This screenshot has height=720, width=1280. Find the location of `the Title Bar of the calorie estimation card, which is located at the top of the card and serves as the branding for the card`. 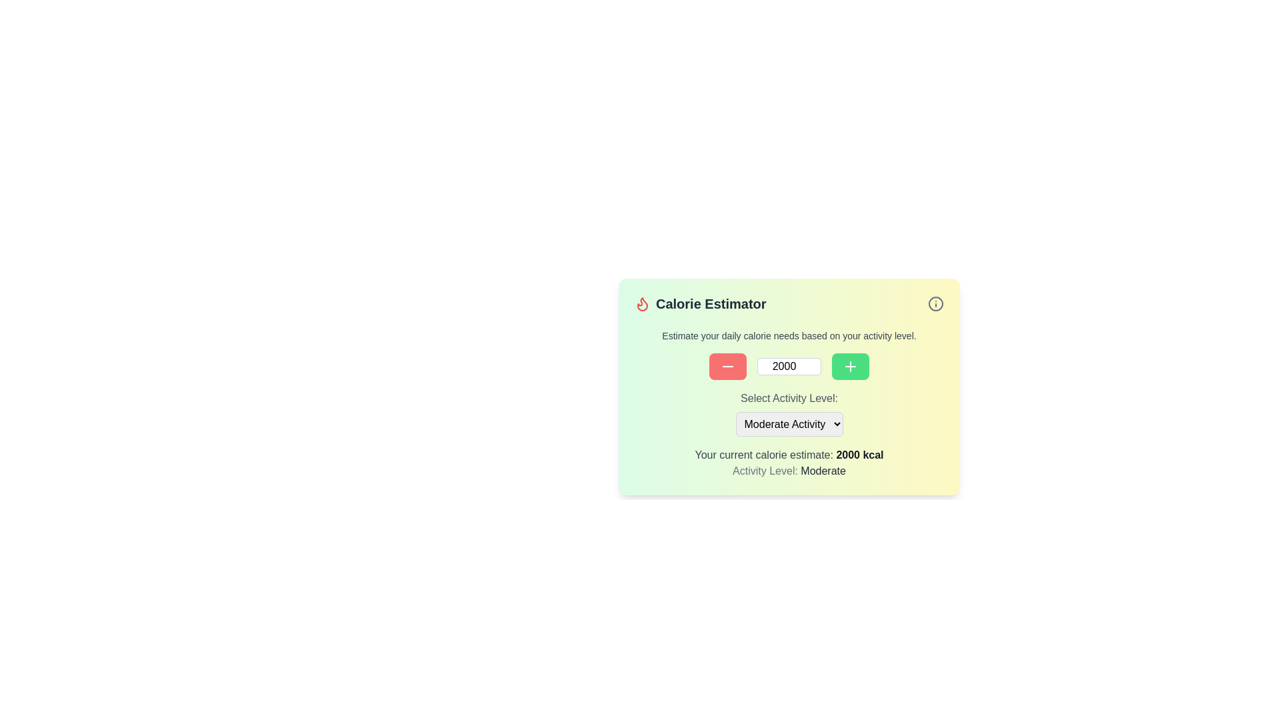

the Title Bar of the calorie estimation card, which is located at the top of the card and serves as the branding for the card is located at coordinates (789, 303).